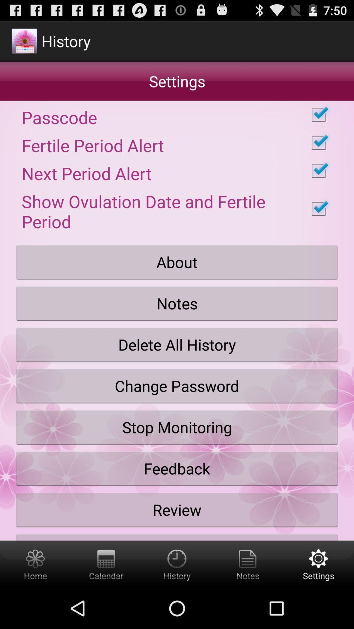  Describe the element at coordinates (177, 509) in the screenshot. I see `the item below the feedback icon` at that location.